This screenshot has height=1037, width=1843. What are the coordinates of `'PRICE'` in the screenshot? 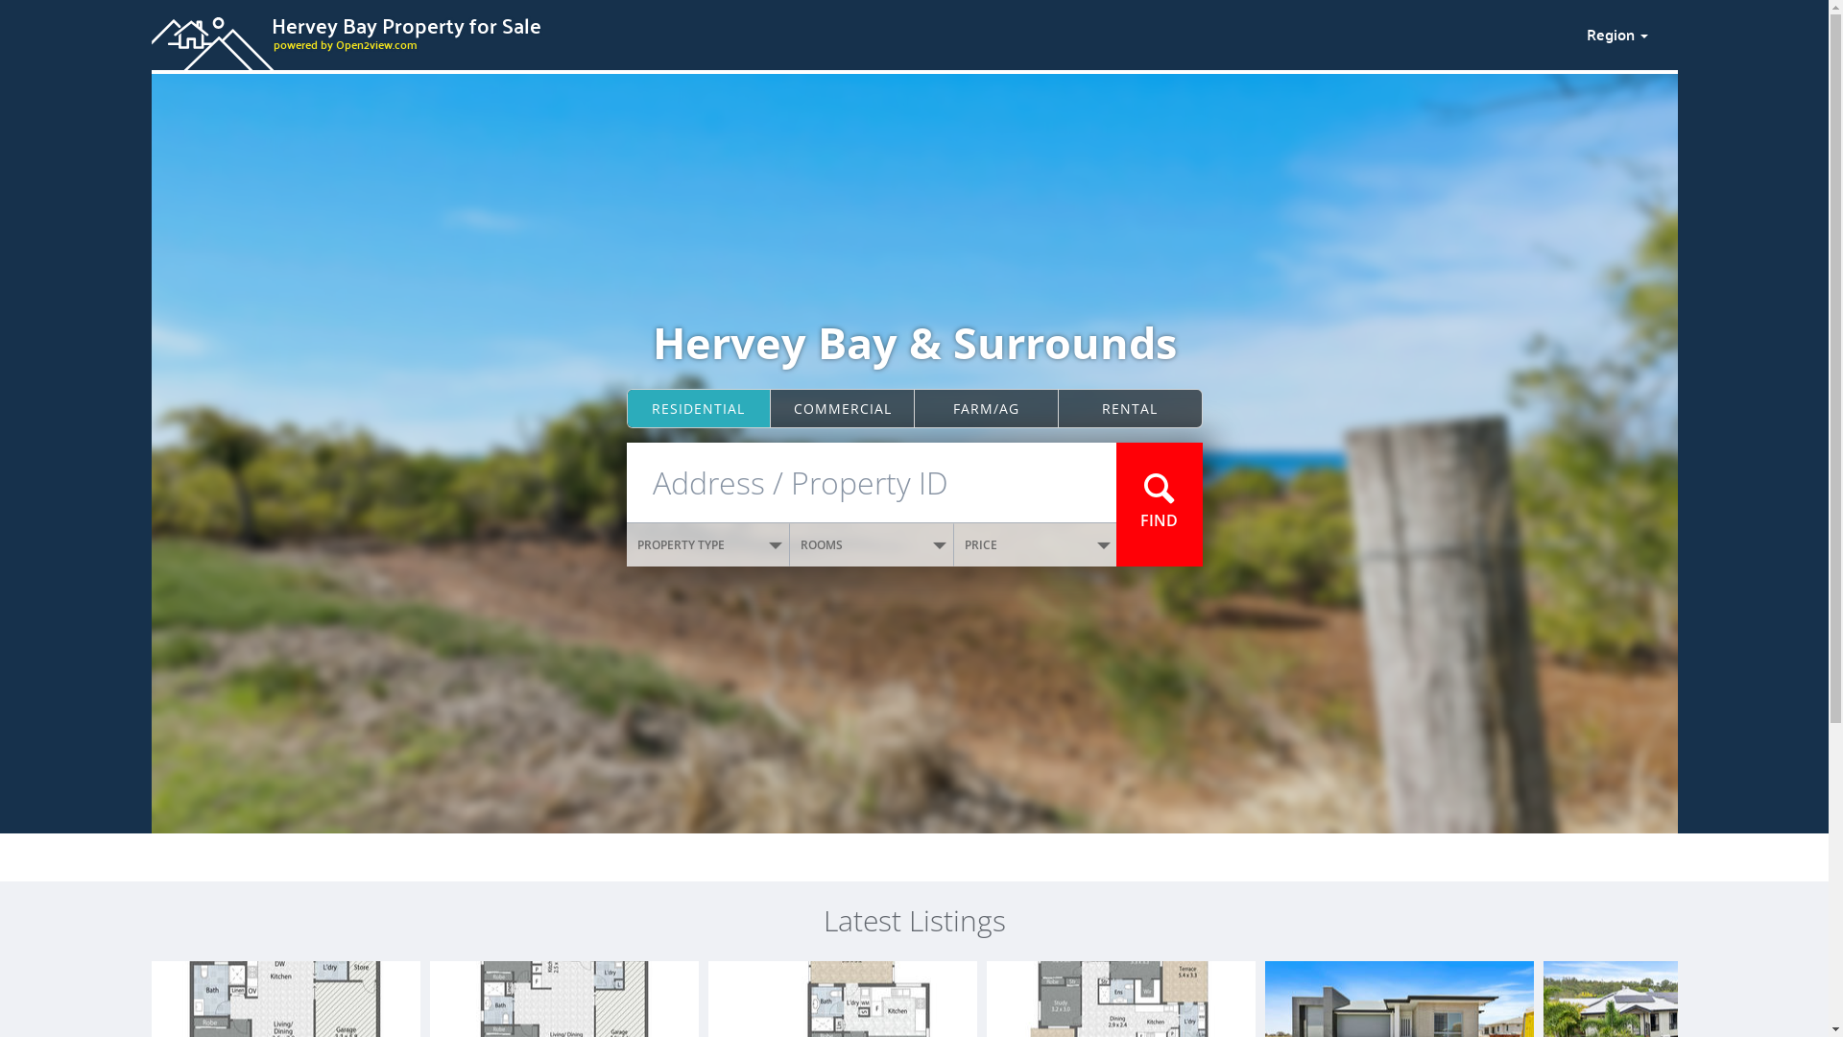 It's located at (1035, 544).